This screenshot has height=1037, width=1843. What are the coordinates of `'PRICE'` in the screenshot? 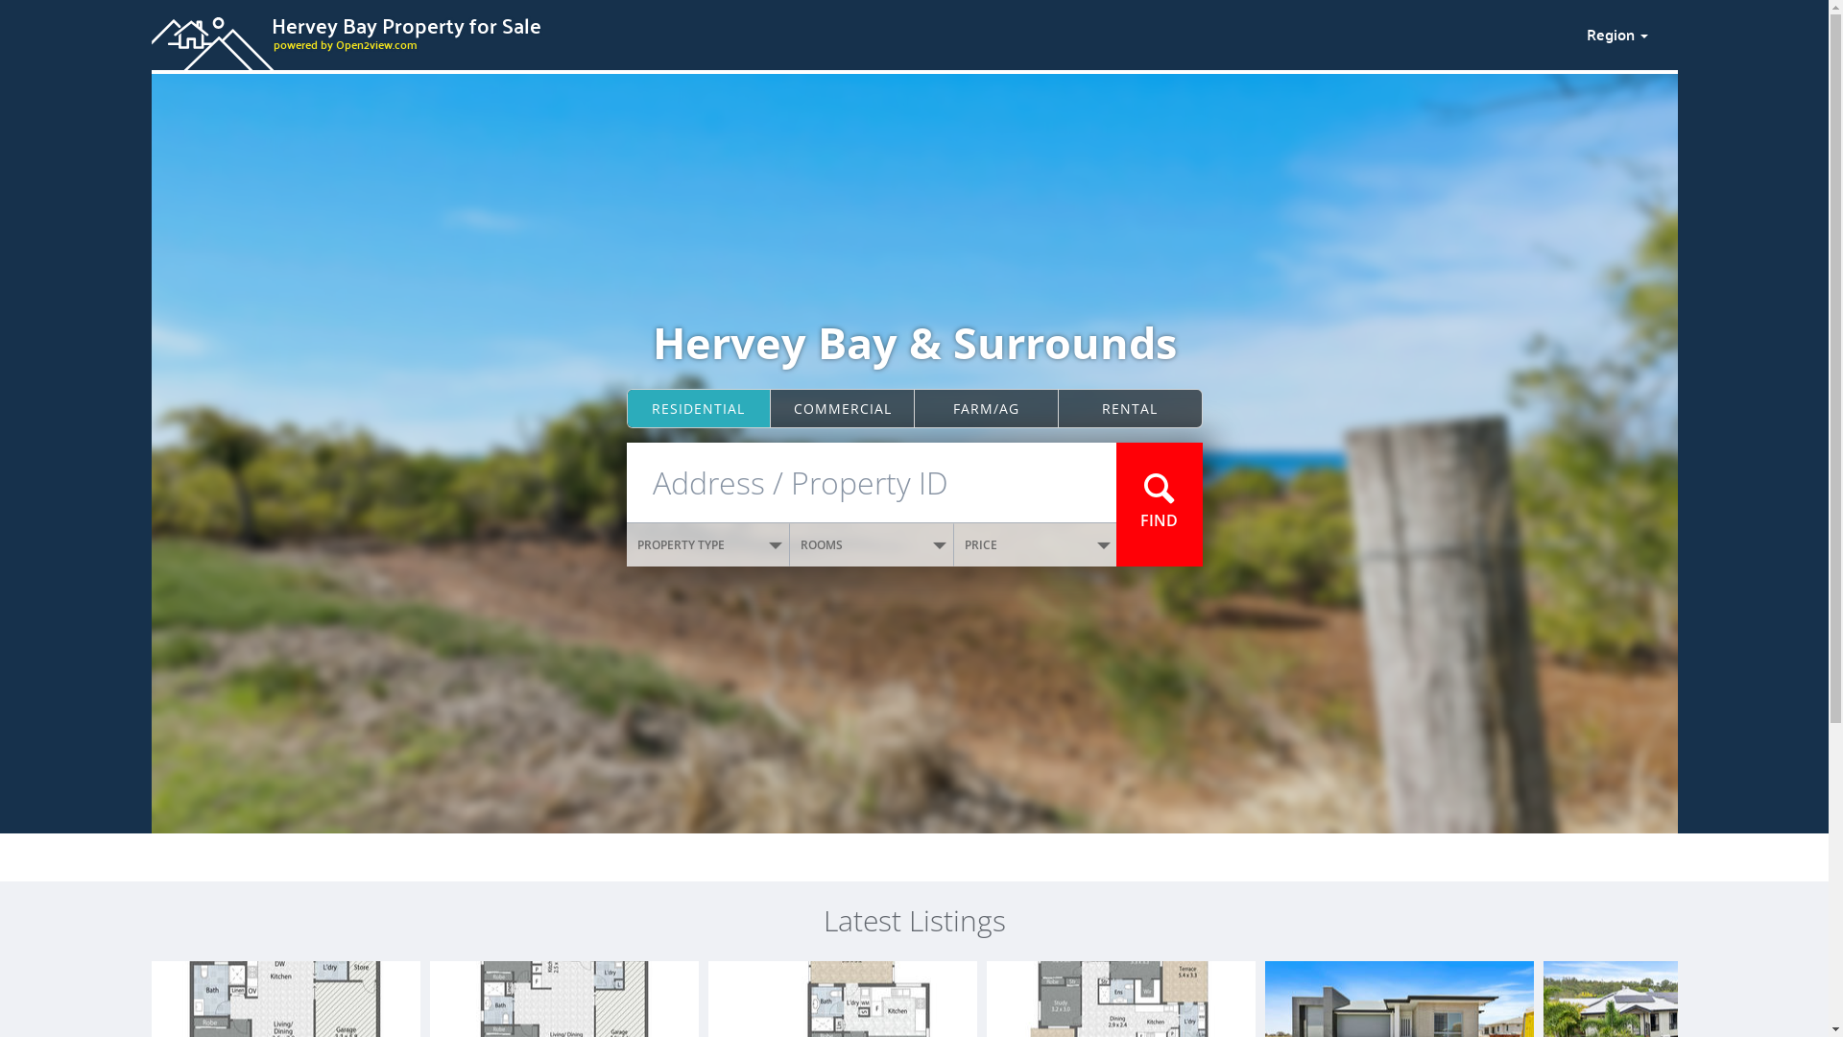 It's located at (1035, 544).